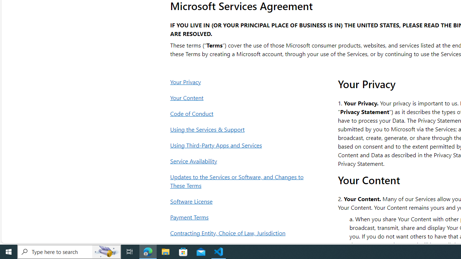 This screenshot has height=259, width=461. I want to click on 'Service Availability', so click(239, 160).